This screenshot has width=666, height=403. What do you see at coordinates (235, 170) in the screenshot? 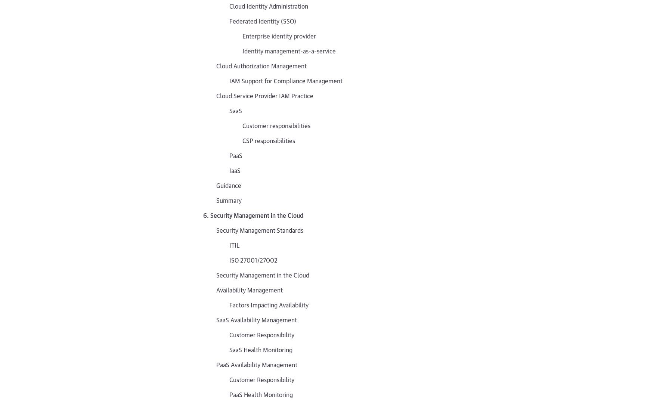
I see `'IaaS'` at bounding box center [235, 170].